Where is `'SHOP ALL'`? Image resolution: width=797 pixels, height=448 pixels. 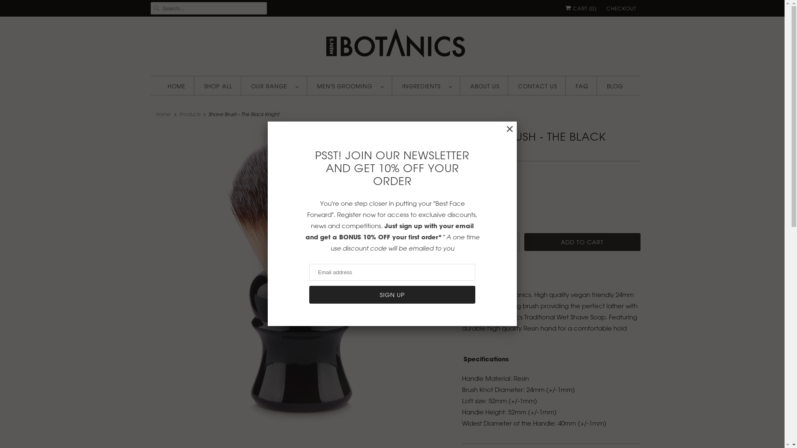
'SHOP ALL' is located at coordinates (204, 86).